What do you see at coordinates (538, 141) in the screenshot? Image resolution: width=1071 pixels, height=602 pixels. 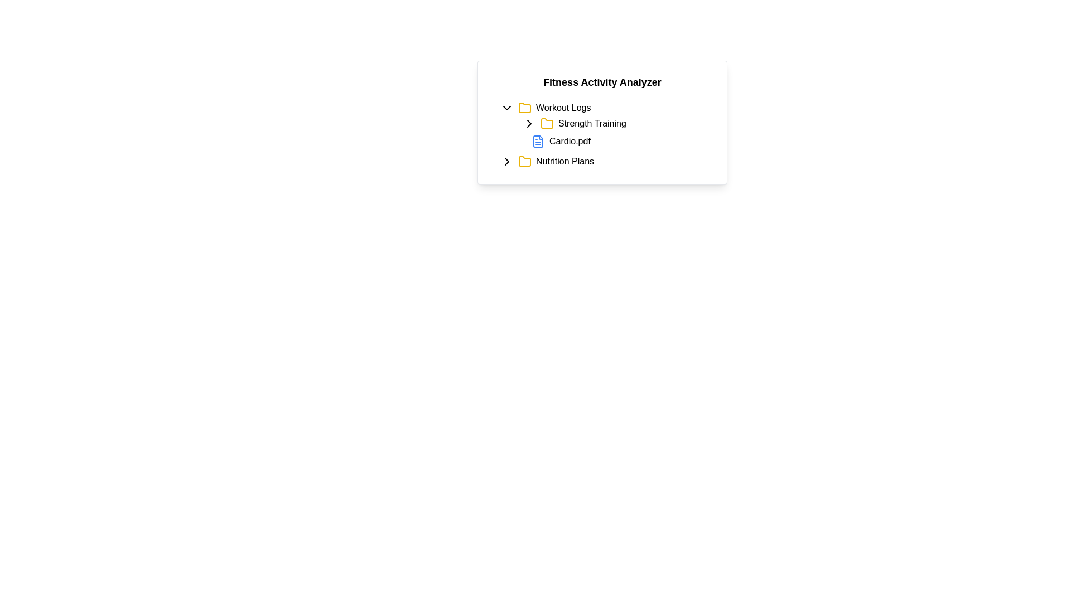 I see `the document icon representing 'Cardio.pdf', which is located to the left of the label 'Cardio.pdf' and below the 'Strength Training' group` at bounding box center [538, 141].